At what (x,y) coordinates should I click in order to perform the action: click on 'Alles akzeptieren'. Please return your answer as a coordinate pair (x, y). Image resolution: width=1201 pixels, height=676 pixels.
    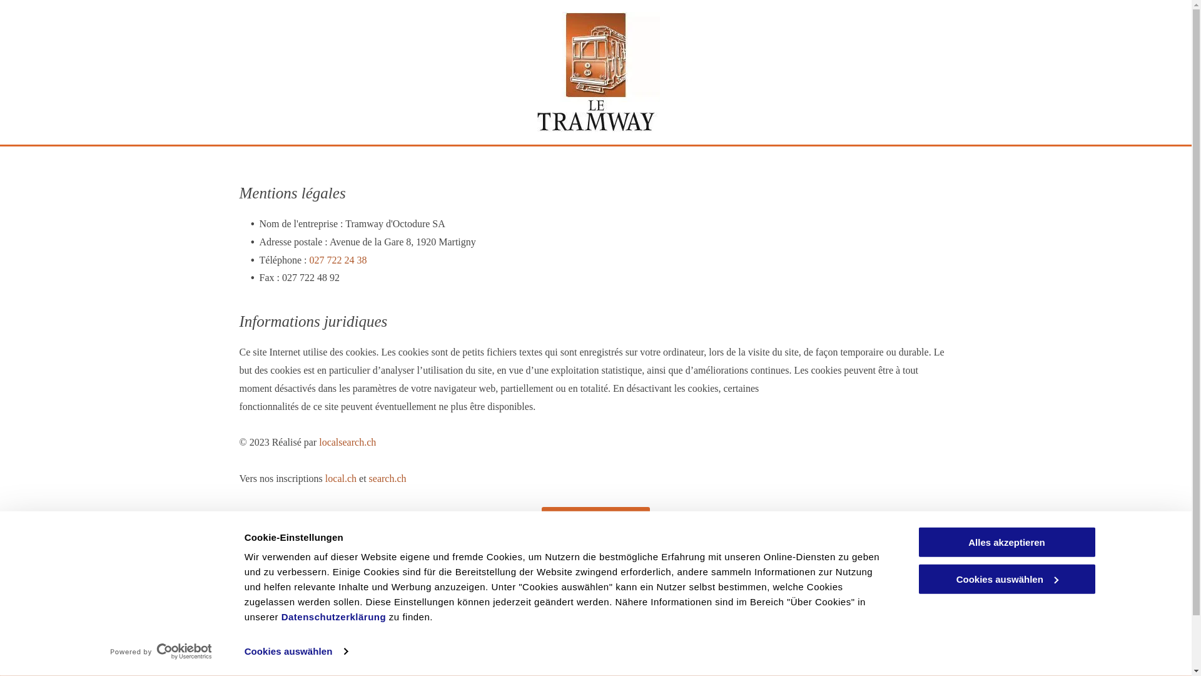
    Looking at the image, I should click on (1006, 541).